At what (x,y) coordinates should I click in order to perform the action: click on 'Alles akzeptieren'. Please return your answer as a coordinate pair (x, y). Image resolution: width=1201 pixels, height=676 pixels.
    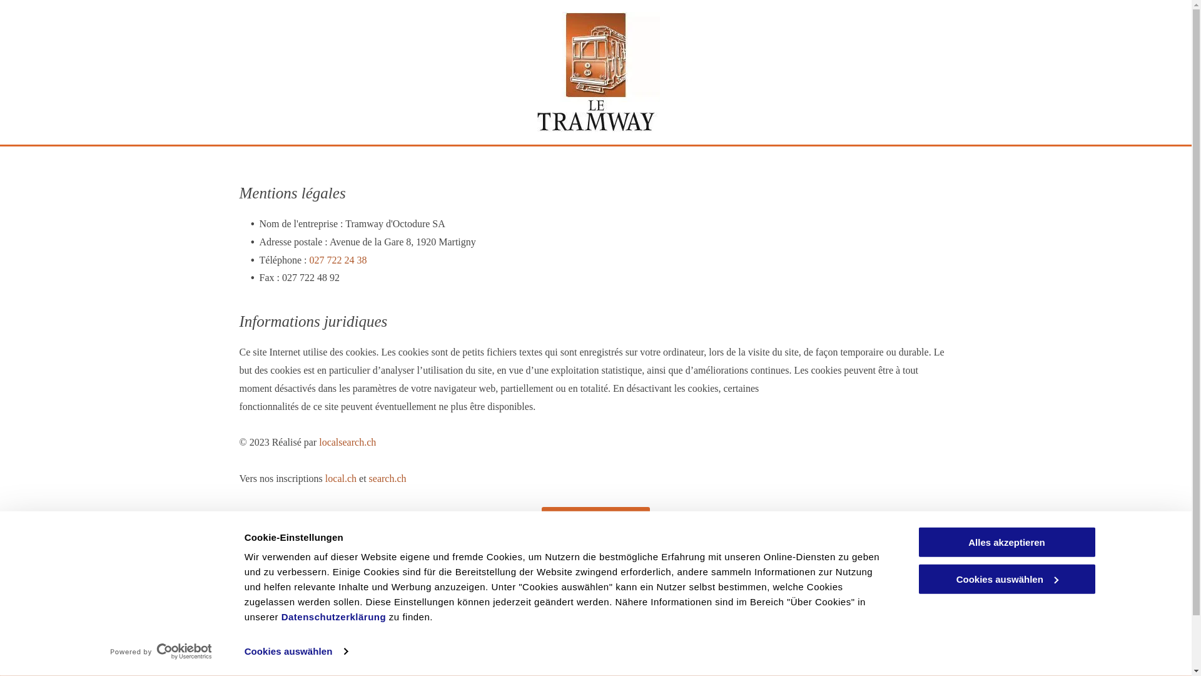
    Looking at the image, I should click on (1006, 541).